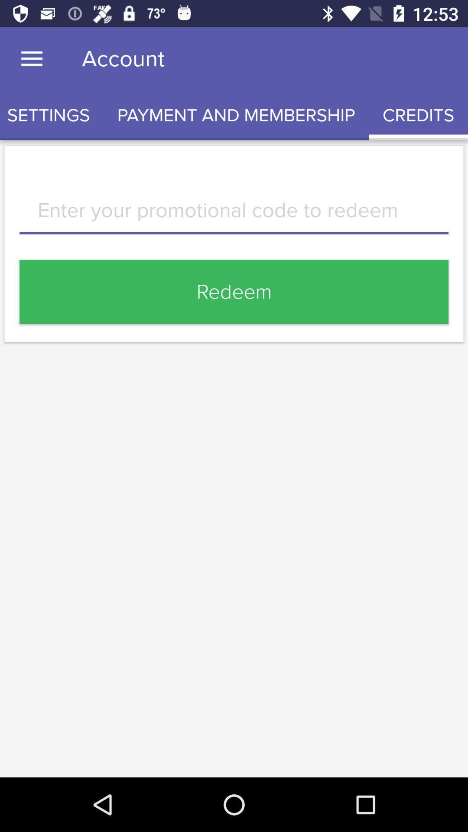 The height and width of the screenshot is (832, 468). I want to click on the icon to the left of account, so click(31, 58).